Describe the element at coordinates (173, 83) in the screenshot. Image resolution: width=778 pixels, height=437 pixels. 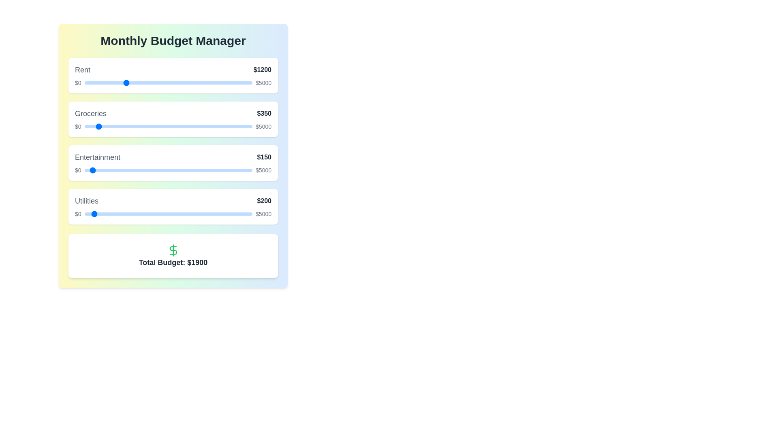
I see `the central interactive horizontal slider track of the Range input slider located in the 'Rent $1200' section to move the handle` at that location.